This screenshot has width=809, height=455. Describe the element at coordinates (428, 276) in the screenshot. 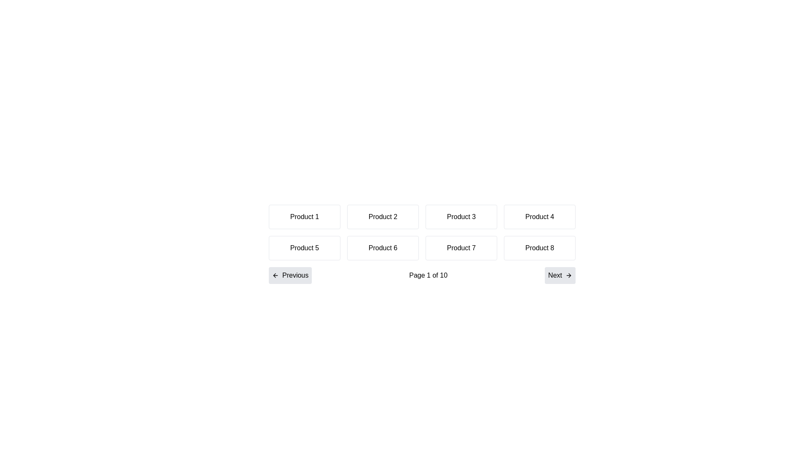

I see `the static text label displaying 'Page 1 of 10' located in the middle of the navigation bar between the 'Previous' and 'Next' buttons` at that location.